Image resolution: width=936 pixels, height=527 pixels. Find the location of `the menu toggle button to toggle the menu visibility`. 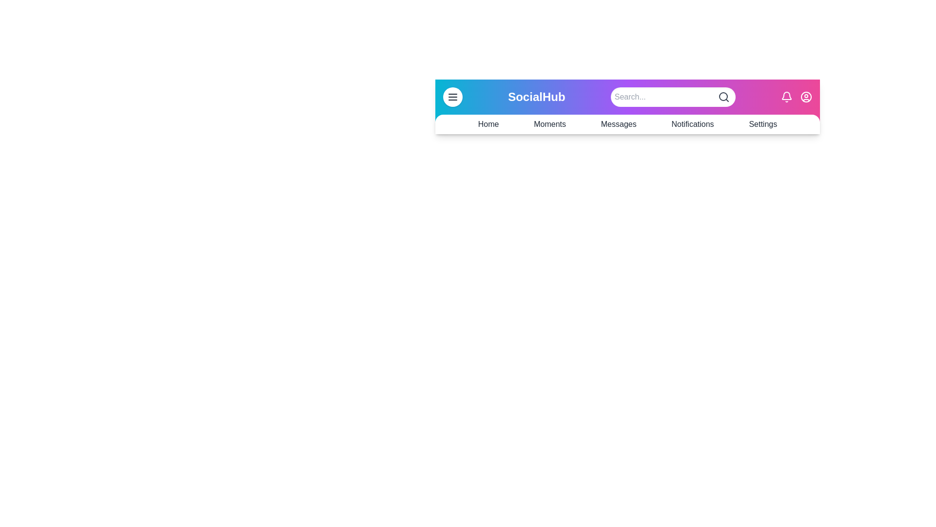

the menu toggle button to toggle the menu visibility is located at coordinates (452, 97).